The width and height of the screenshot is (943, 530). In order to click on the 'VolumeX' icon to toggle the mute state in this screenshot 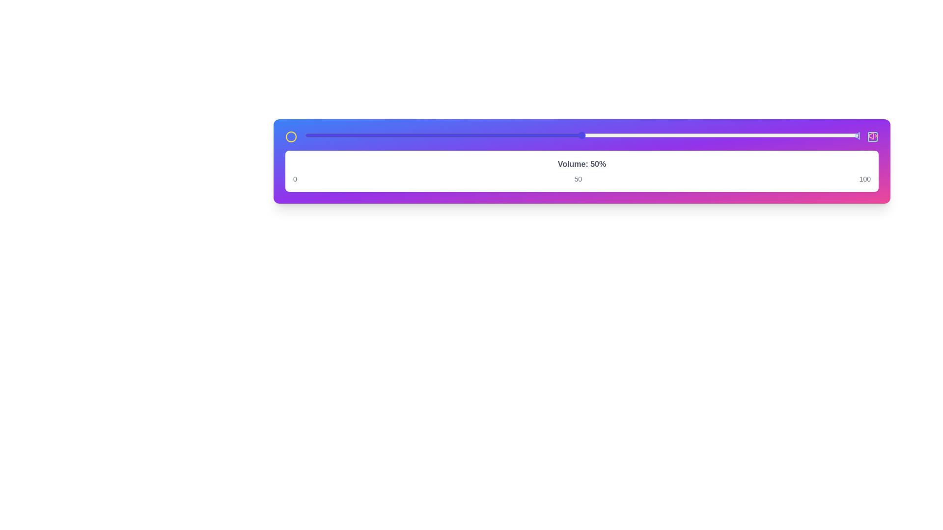, I will do `click(874, 136)`.